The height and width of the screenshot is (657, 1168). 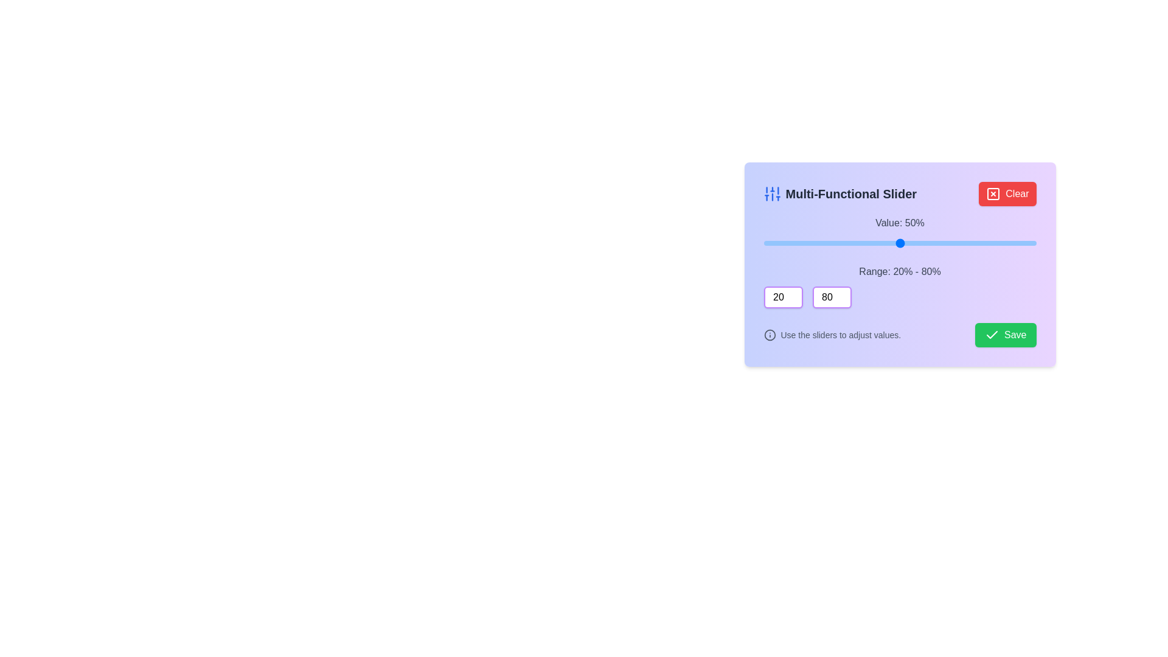 I want to click on the slider value, so click(x=913, y=243).